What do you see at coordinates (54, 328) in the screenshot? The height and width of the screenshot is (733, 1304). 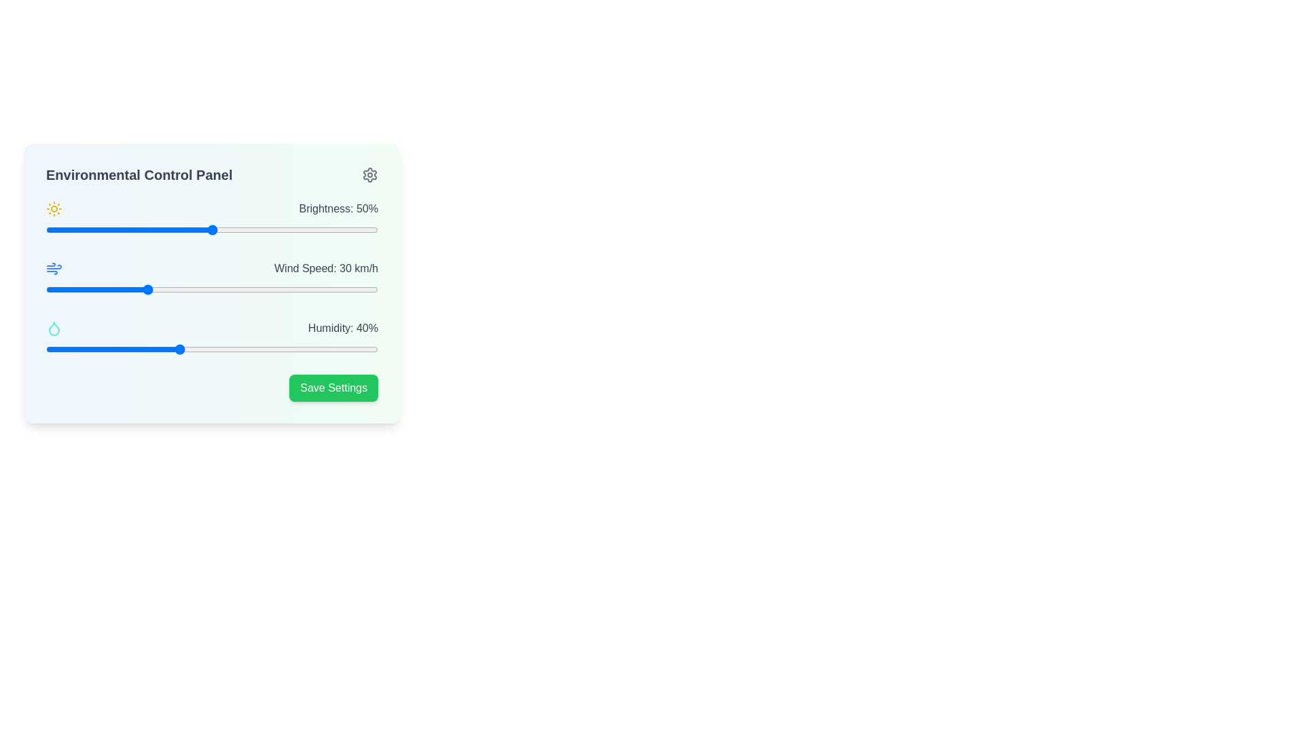 I see `the droplet icon in the Environmental Control Panel that represents humidity, located as the third icon in the left column` at bounding box center [54, 328].